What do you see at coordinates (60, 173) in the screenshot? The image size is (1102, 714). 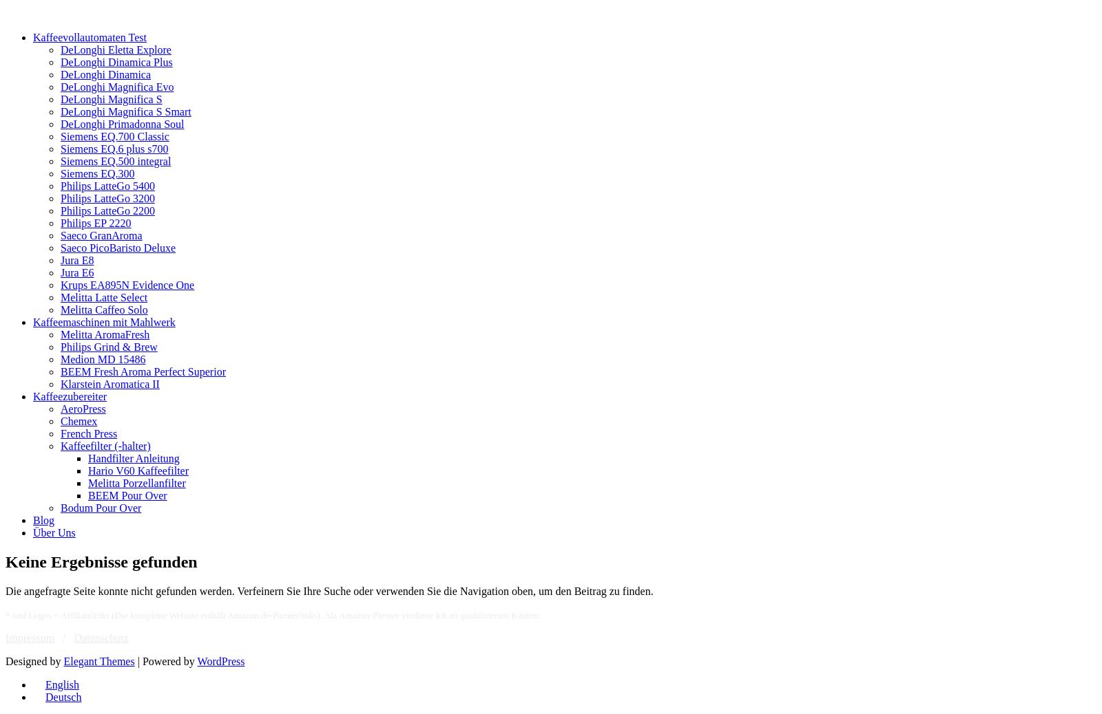 I see `'Siemens EQ.300'` at bounding box center [60, 173].